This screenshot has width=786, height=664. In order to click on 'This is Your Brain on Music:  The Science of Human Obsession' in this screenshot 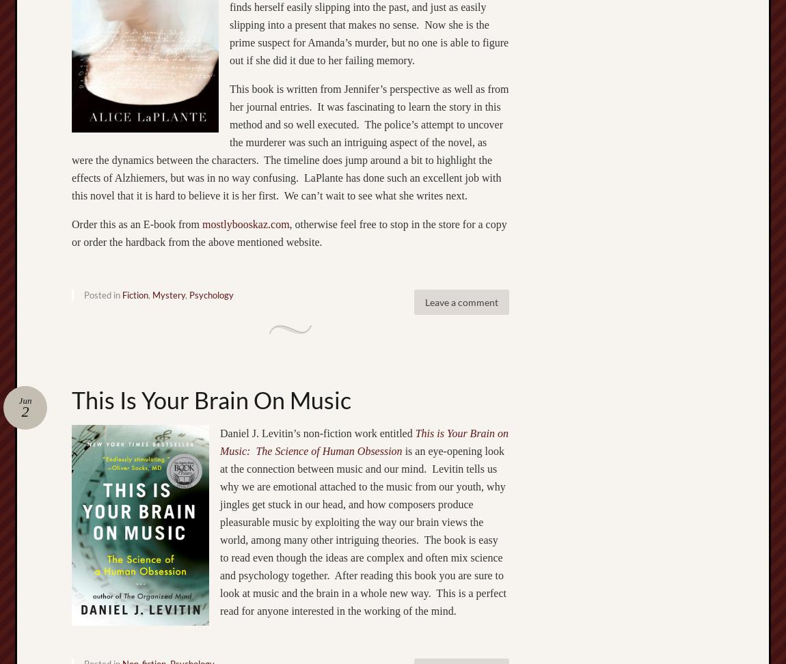, I will do `click(364, 441)`.